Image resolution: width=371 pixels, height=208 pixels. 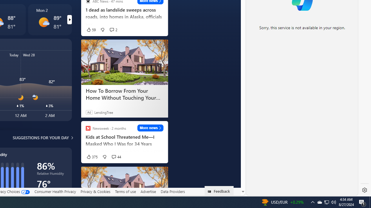 I want to click on 'Feedback', so click(x=219, y=190).